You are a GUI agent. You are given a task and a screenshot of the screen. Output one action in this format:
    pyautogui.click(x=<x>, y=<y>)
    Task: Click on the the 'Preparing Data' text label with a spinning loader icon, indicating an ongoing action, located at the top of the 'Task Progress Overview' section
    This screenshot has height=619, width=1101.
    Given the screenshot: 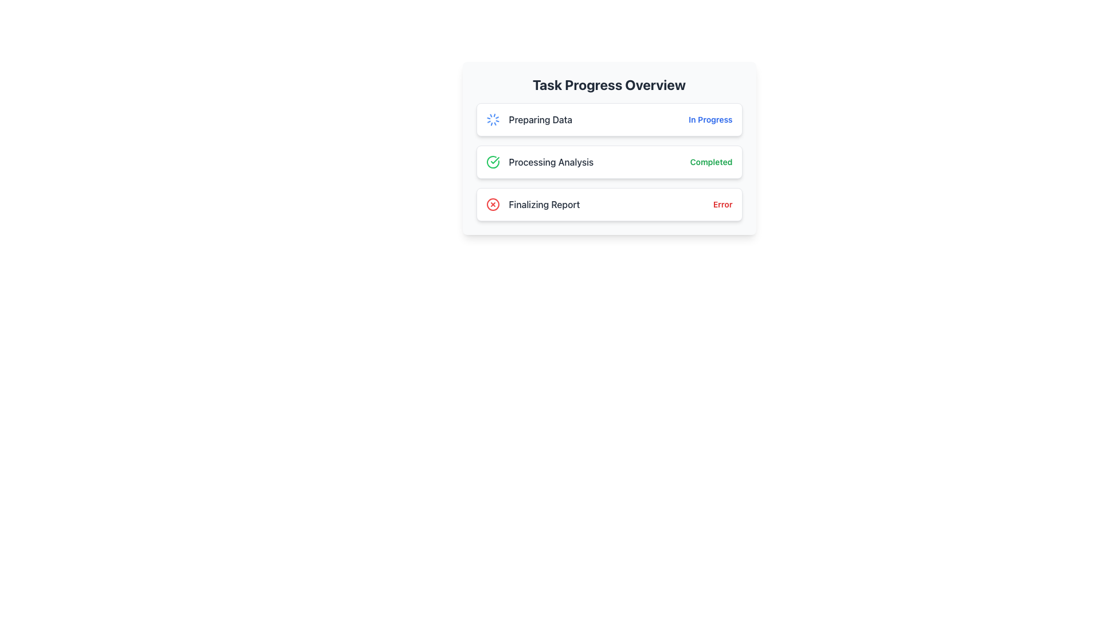 What is the action you would take?
    pyautogui.click(x=528, y=119)
    